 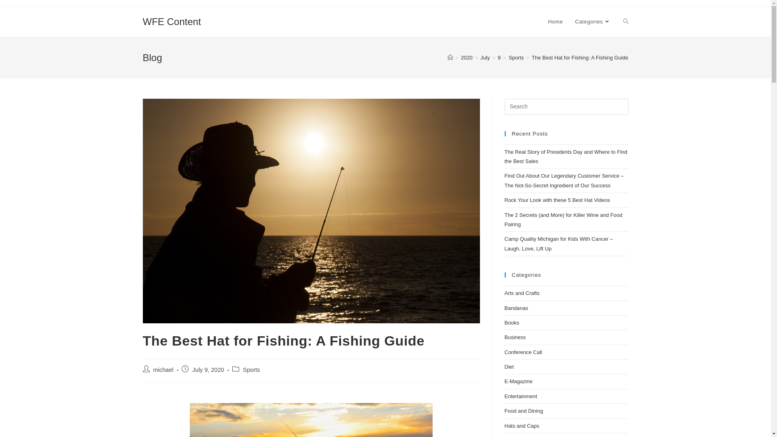 What do you see at coordinates (504, 308) in the screenshot?
I see `'Bandanas'` at bounding box center [504, 308].